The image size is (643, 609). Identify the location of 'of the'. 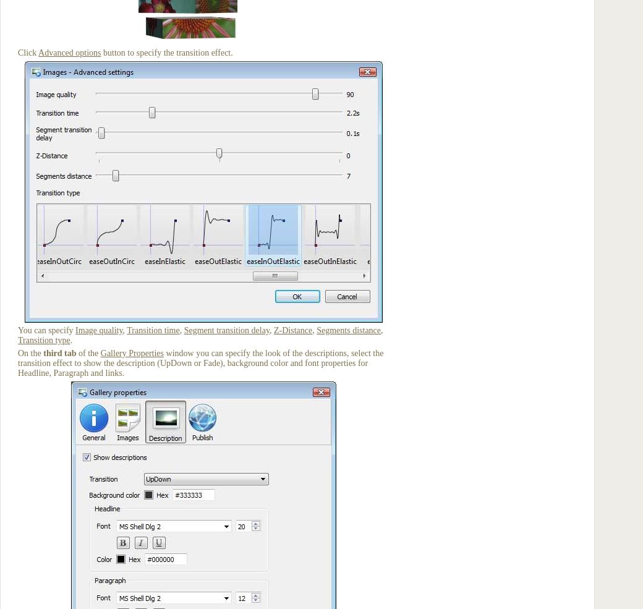
(88, 352).